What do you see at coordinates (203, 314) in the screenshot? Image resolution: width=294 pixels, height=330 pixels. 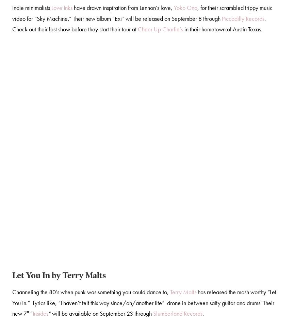 I see `'.'` at bounding box center [203, 314].